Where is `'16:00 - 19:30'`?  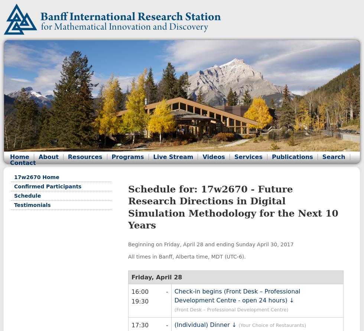
'16:00 - 19:30' is located at coordinates (131, 296).